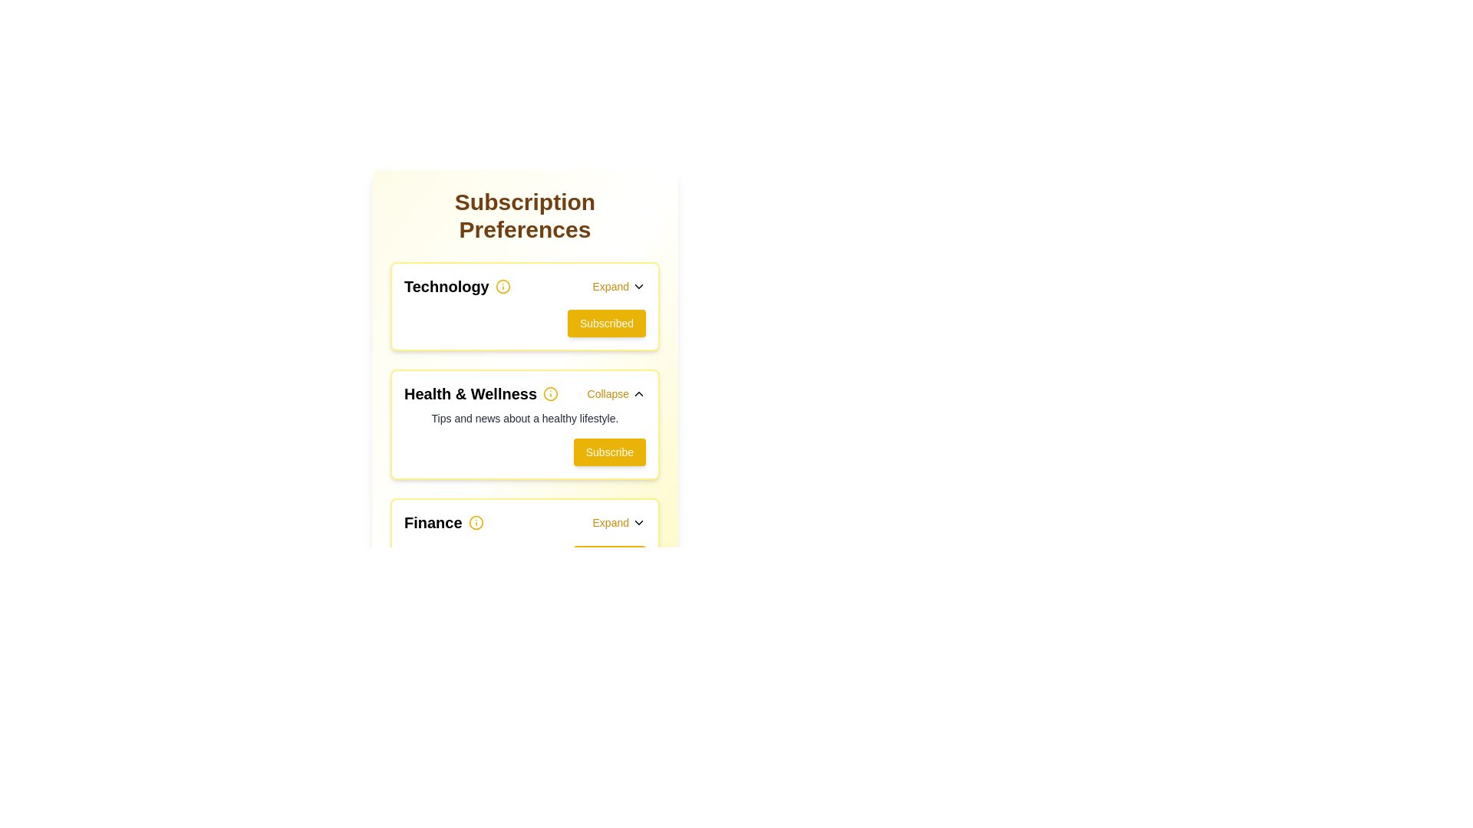  What do you see at coordinates (432, 522) in the screenshot?
I see `the 'Finance' label, which is bold and black, located in the third section under 'Subscription Preferences', to the left of a circular yellow information icon` at bounding box center [432, 522].